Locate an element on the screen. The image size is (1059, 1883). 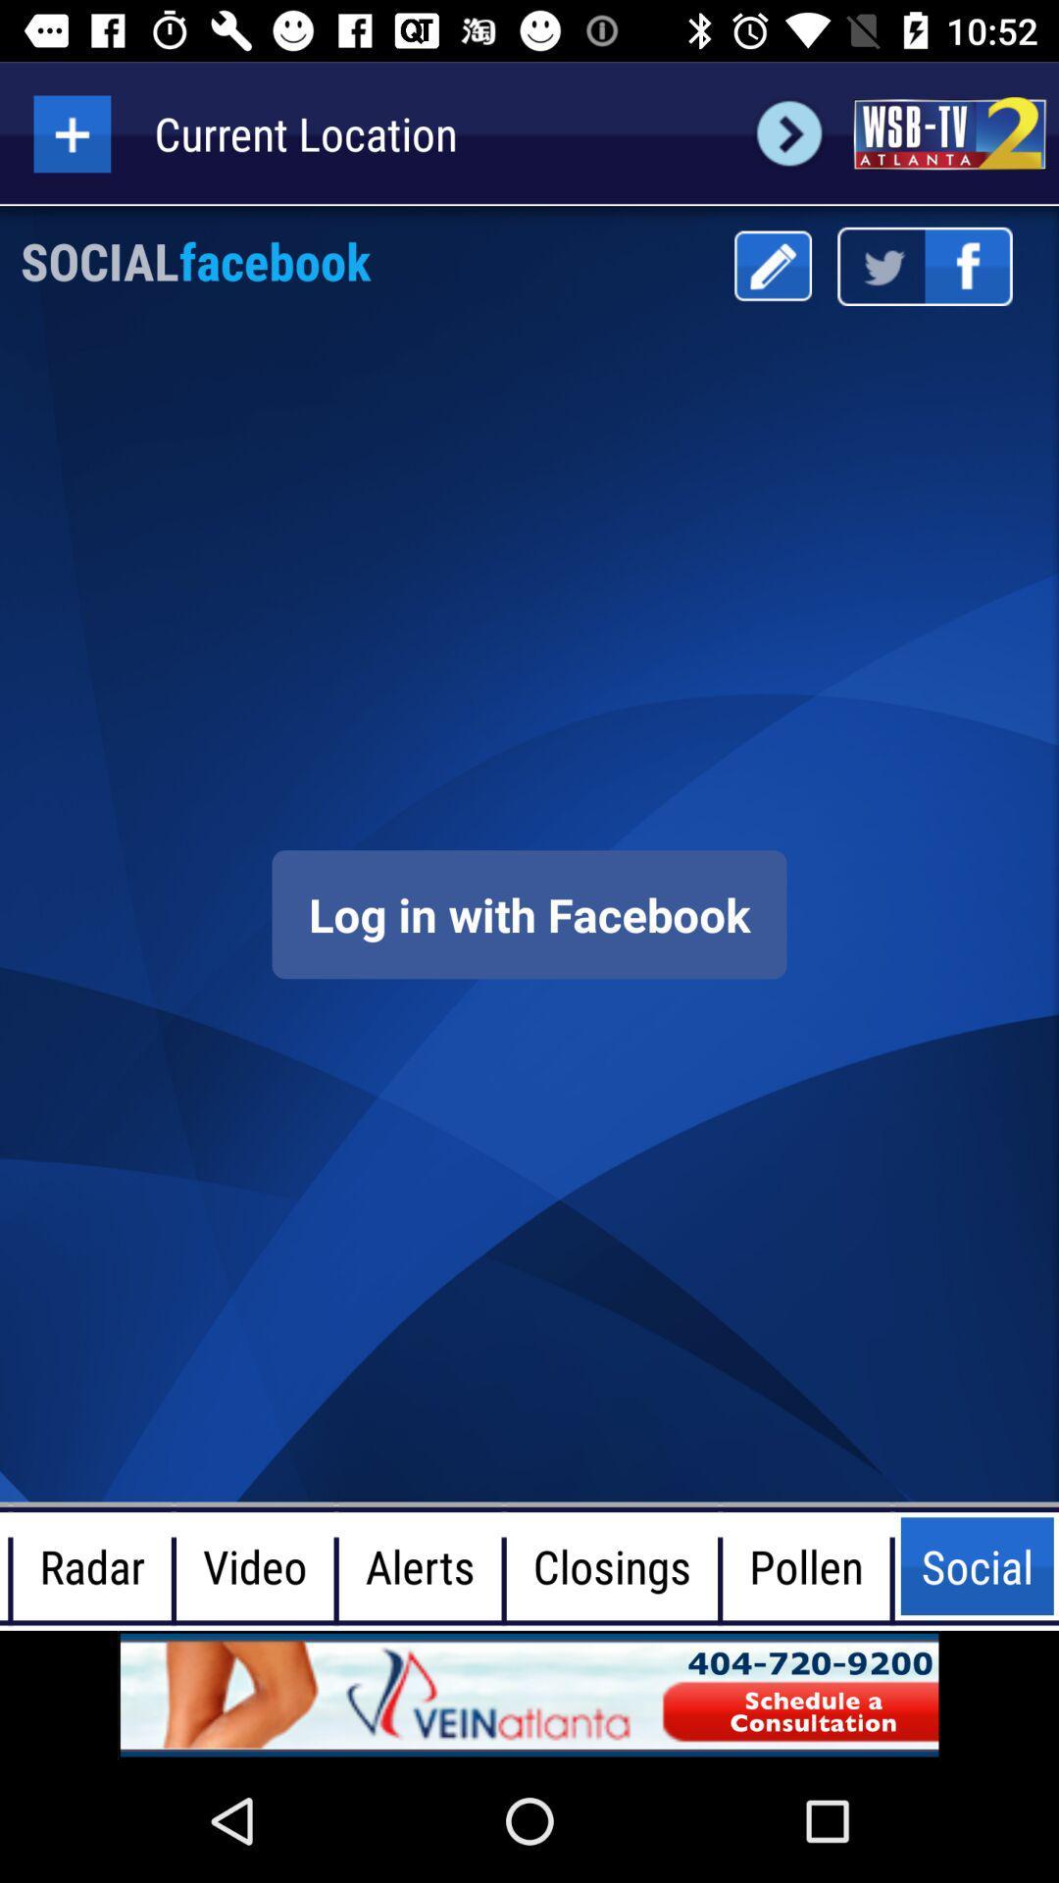
go foward is located at coordinates (788, 132).